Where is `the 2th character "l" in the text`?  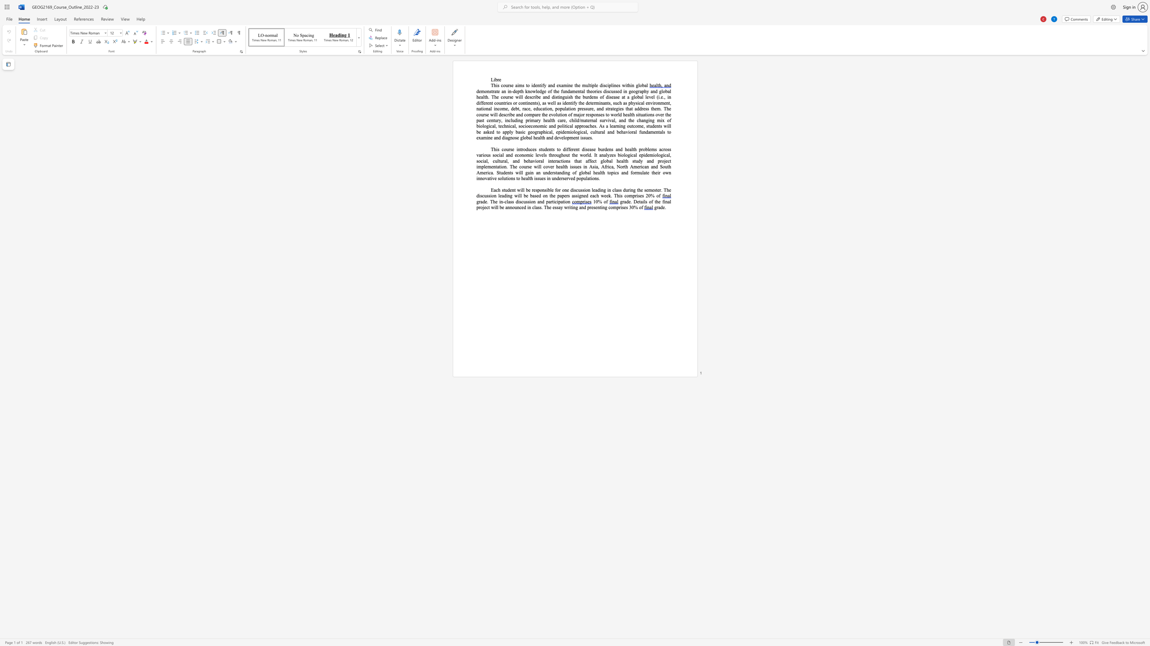
the 2th character "l" in the text is located at coordinates (554, 103).